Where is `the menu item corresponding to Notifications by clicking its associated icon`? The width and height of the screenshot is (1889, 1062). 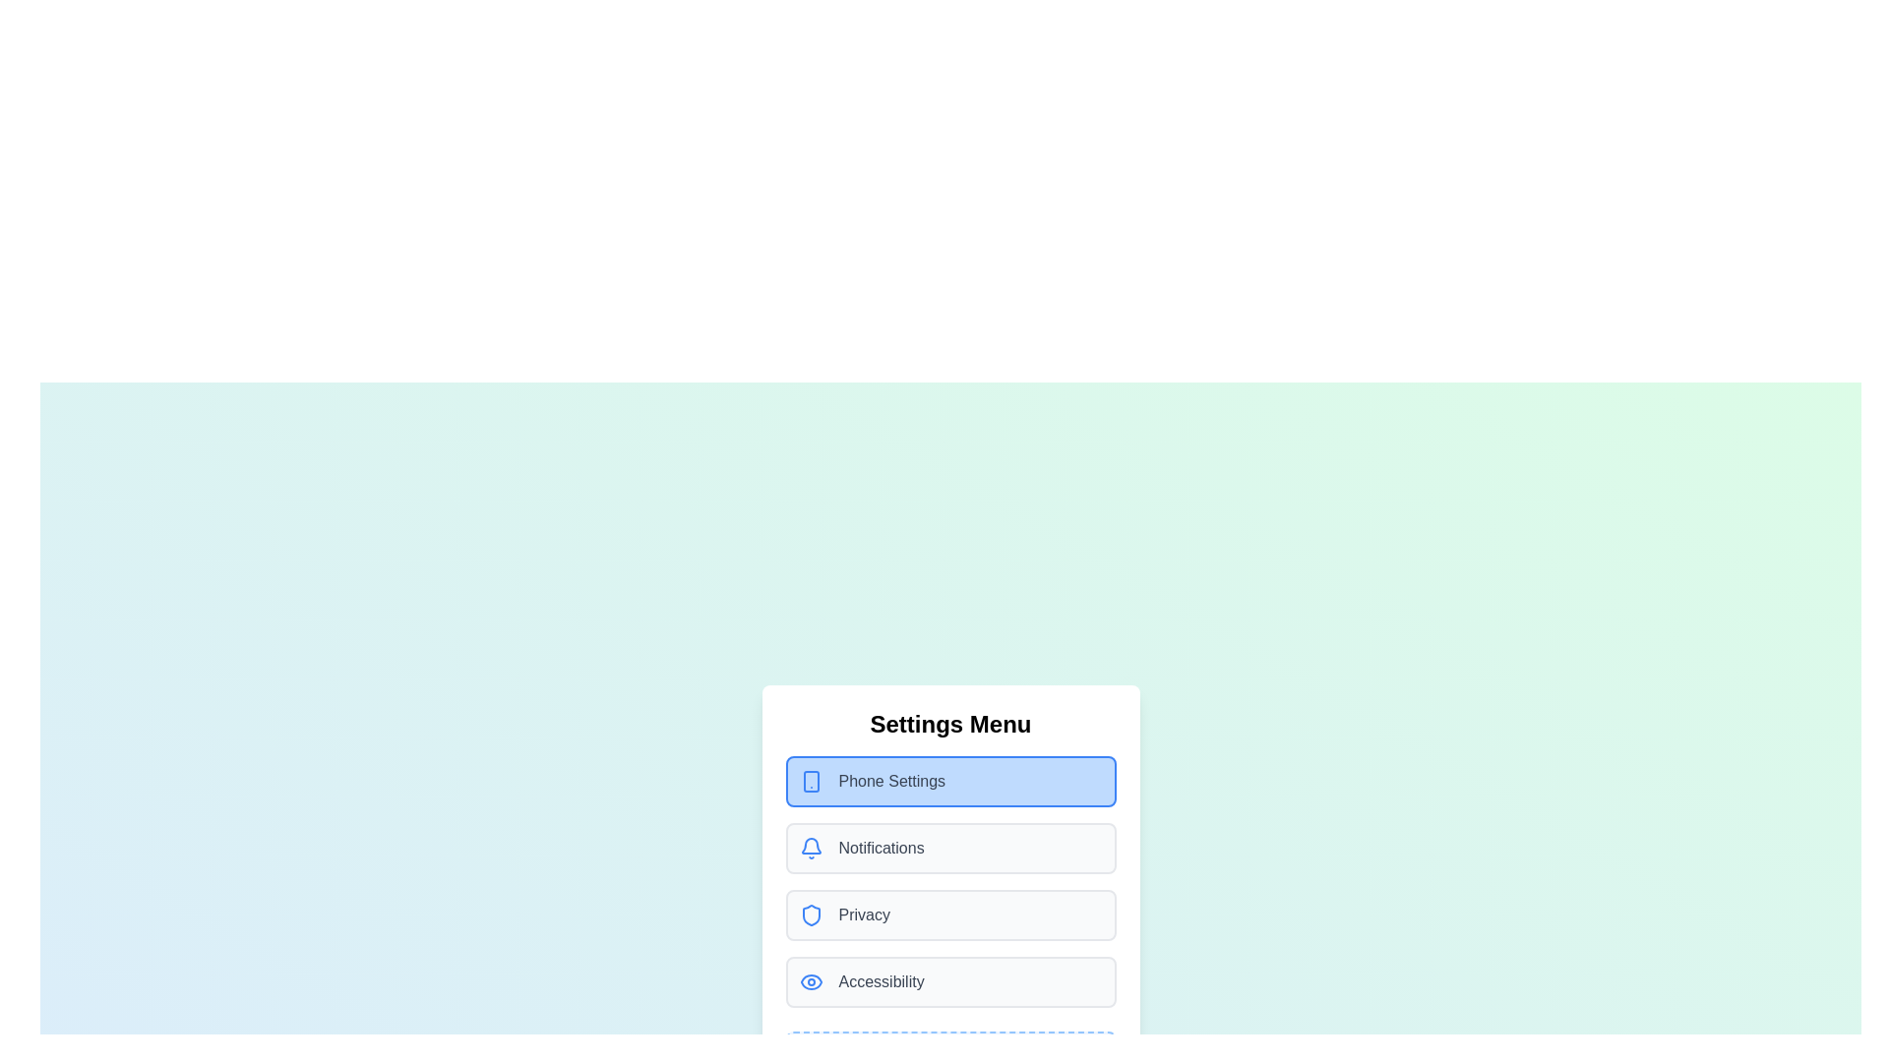
the menu item corresponding to Notifications by clicking its associated icon is located at coordinates (811, 848).